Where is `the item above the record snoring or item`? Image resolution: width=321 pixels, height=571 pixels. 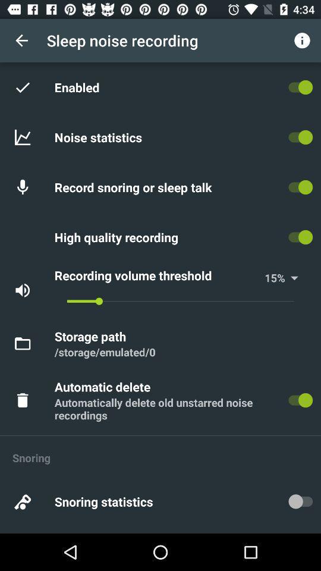 the item above the record snoring or item is located at coordinates (99, 137).